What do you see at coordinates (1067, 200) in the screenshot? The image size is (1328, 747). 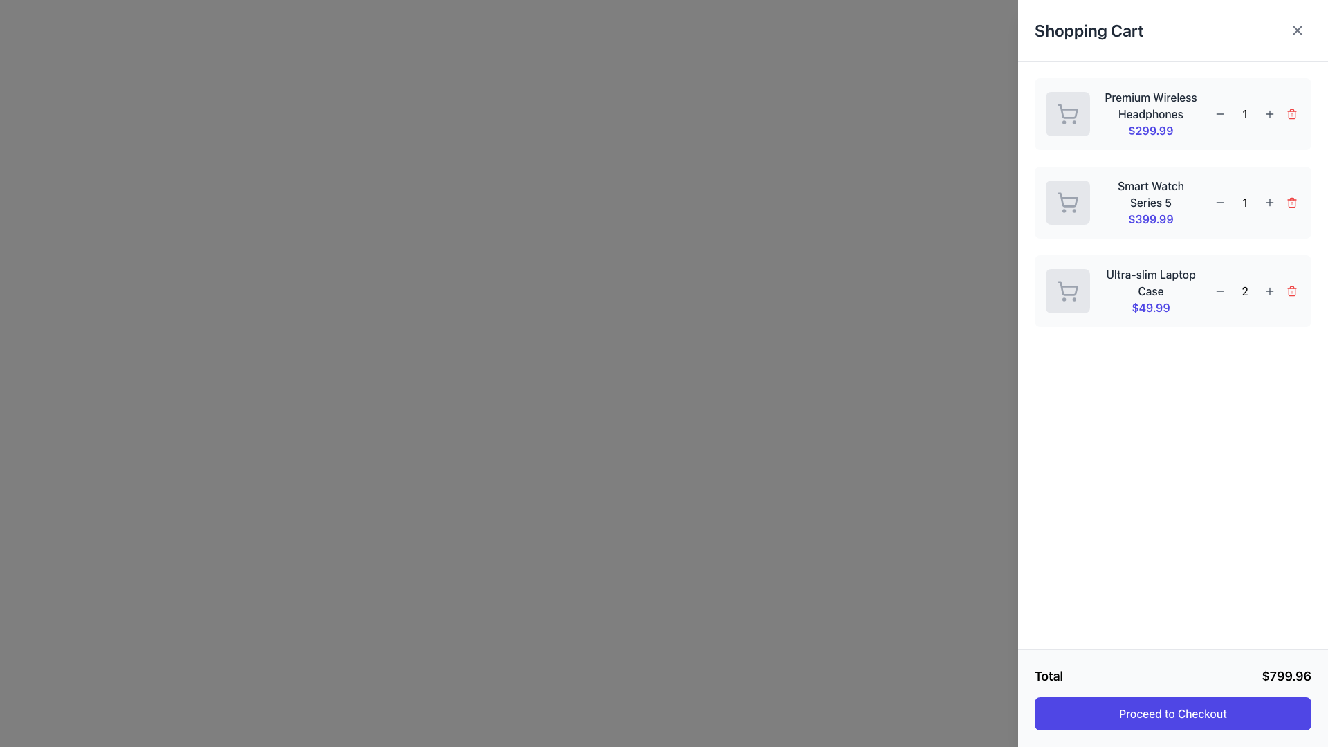 I see `the shopping cart icon for the 'Smart Watch Series 5', which is part of the e-commerce platform's cart representation` at bounding box center [1067, 200].